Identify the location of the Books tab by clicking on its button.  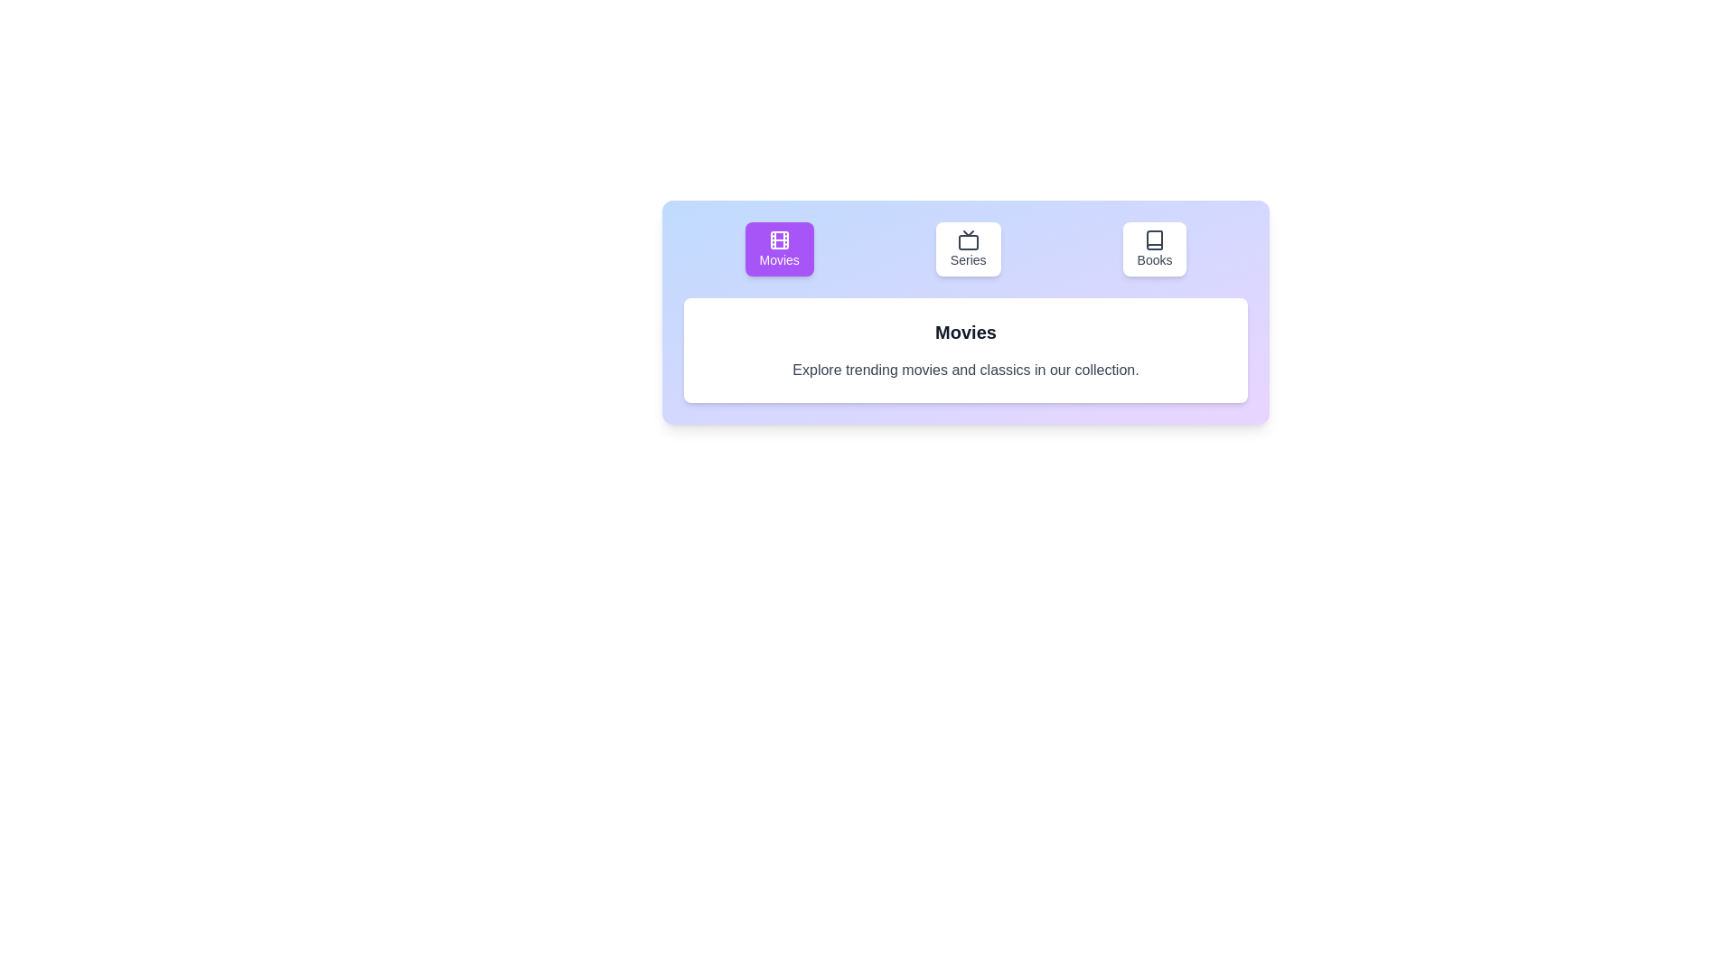
(1153, 249).